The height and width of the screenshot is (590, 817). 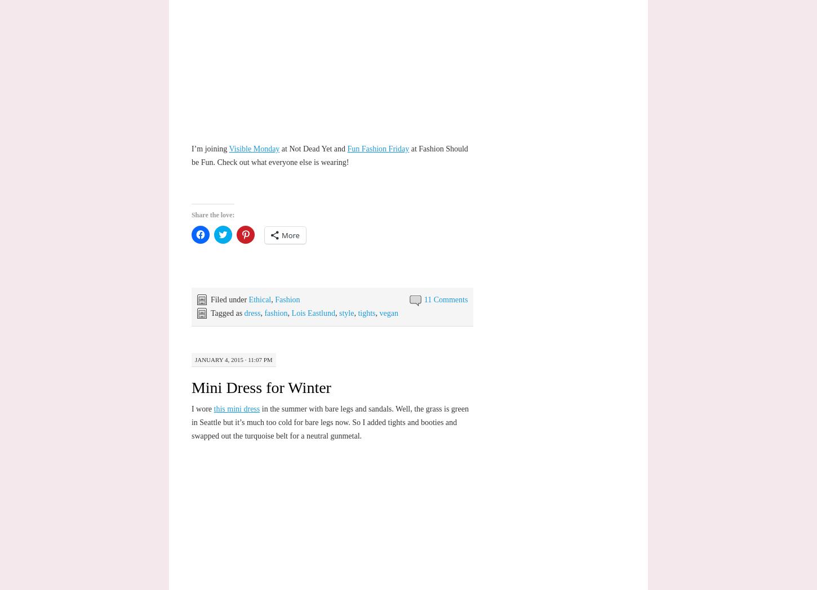 What do you see at coordinates (287, 299) in the screenshot?
I see `'Fashion'` at bounding box center [287, 299].